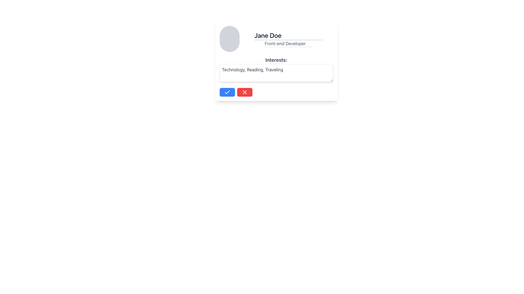 The height and width of the screenshot is (294, 524). Describe the element at coordinates (276, 60) in the screenshot. I see `the text label displaying 'Interests:' in bold, gray font, which is positioned above the user's interests text area within the content card interface` at that location.